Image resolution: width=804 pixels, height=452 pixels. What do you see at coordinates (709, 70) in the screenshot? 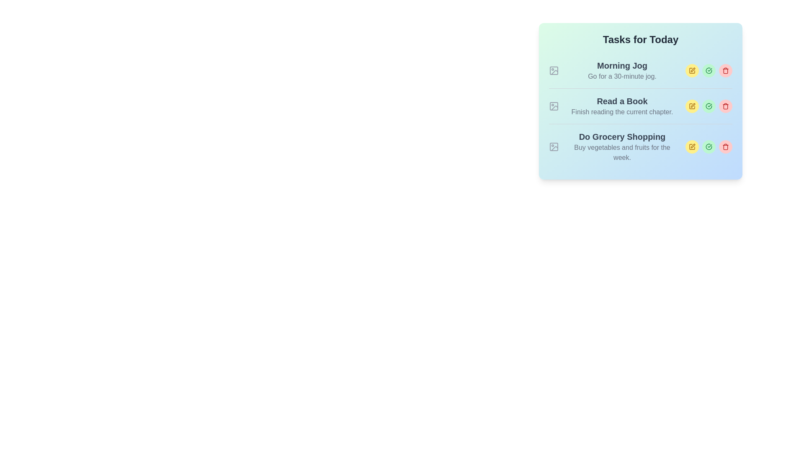
I see `the second button to the right of 'Morning Jog' in the 'Tasks for Today' section to mark the associated task as completed` at bounding box center [709, 70].